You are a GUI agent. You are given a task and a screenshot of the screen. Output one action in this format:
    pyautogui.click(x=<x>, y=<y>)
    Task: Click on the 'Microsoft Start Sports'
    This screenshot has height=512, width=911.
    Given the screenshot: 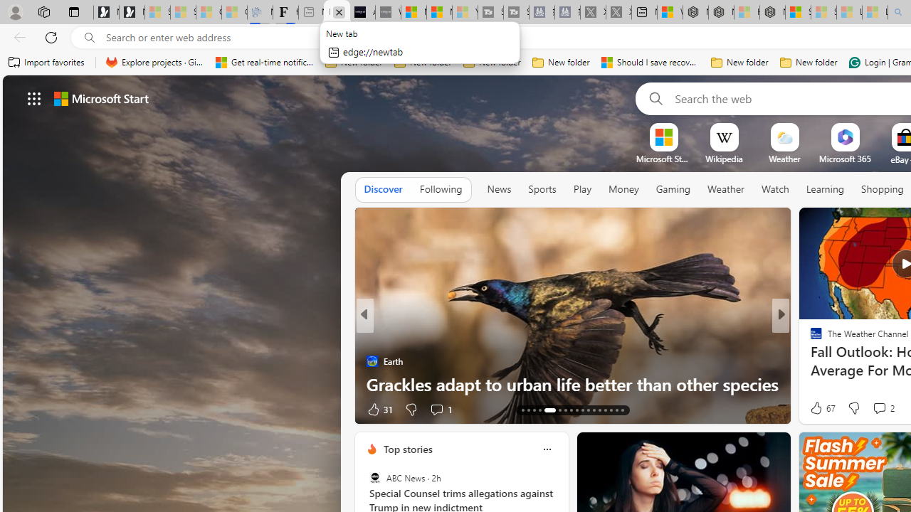 What is the action you would take?
    pyautogui.click(x=663, y=159)
    